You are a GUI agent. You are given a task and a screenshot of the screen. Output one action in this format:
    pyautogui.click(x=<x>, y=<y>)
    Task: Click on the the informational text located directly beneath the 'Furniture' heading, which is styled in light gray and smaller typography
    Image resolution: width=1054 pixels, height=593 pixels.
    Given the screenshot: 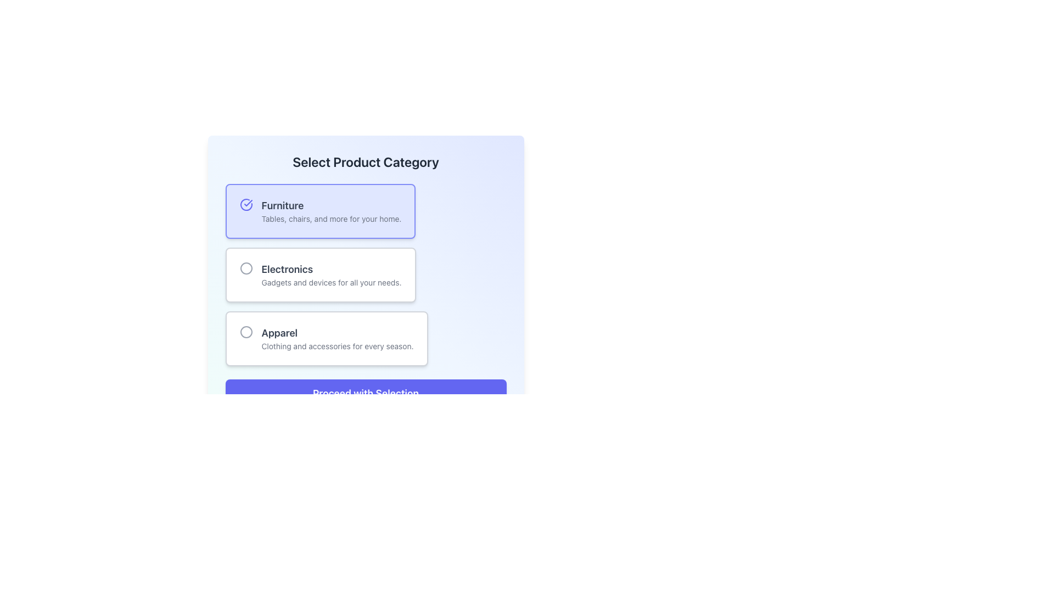 What is the action you would take?
    pyautogui.click(x=330, y=219)
    